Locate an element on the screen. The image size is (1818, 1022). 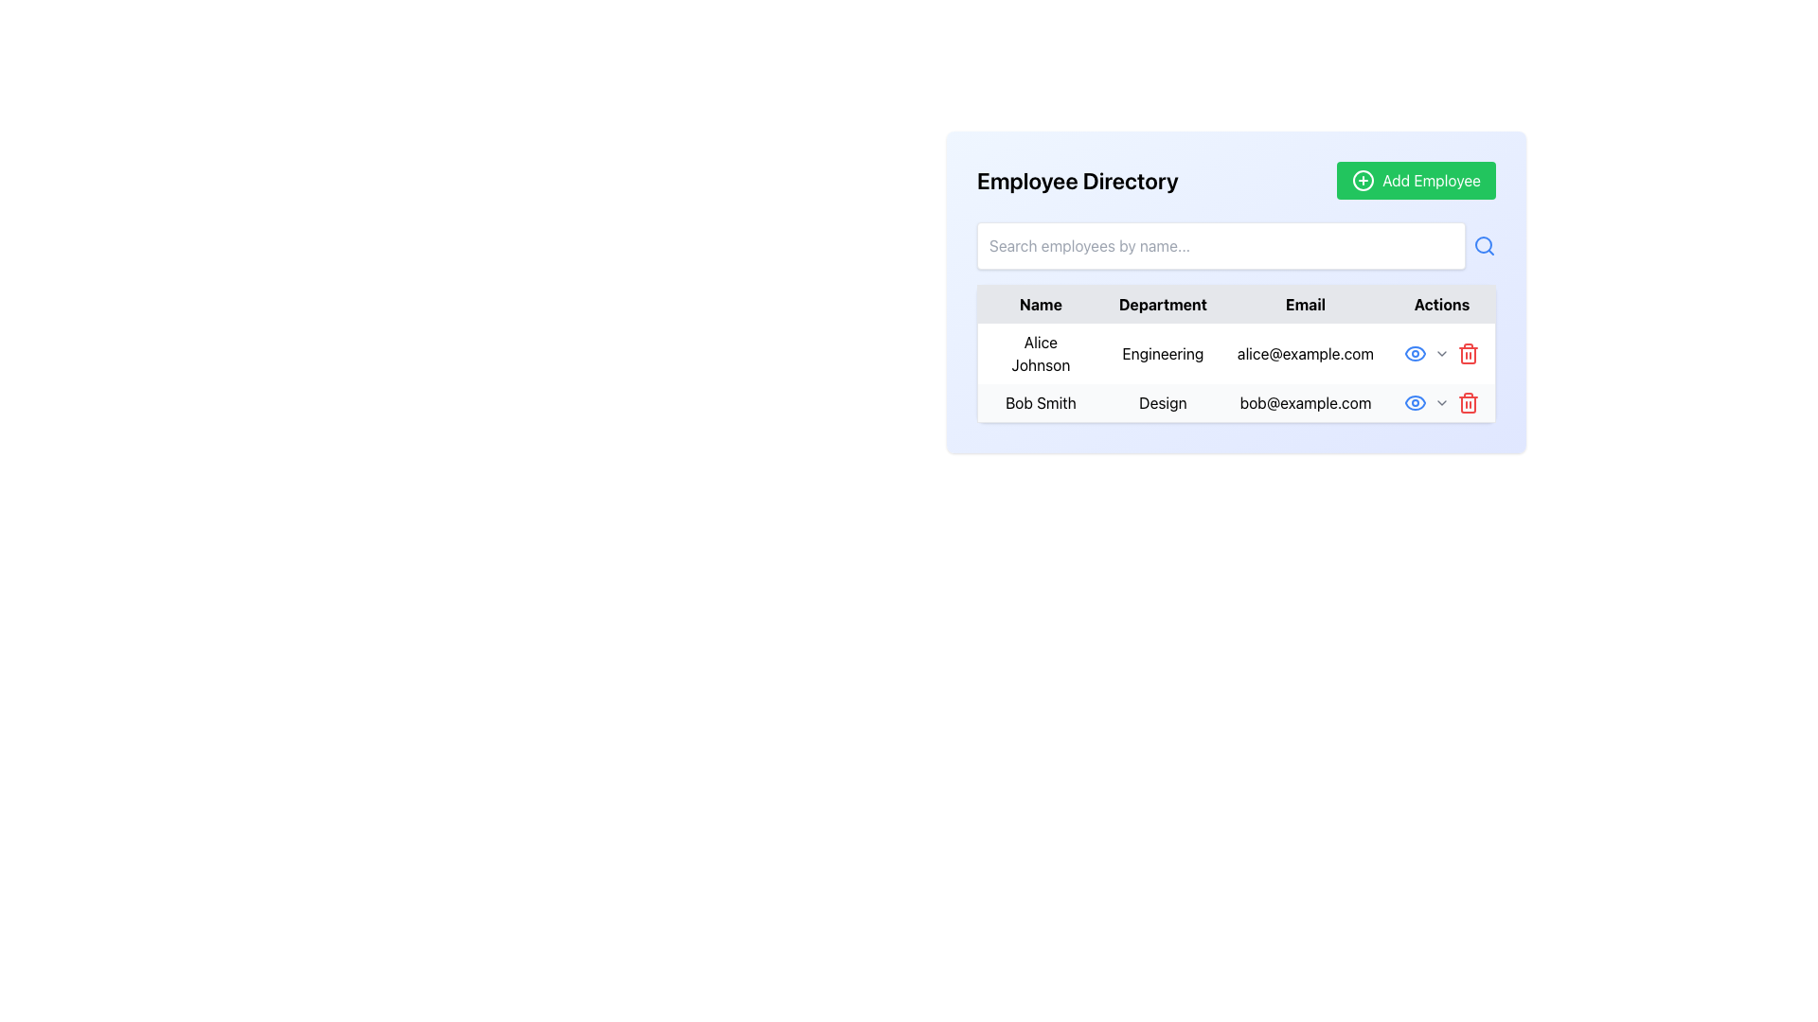
the search button icon located directly to the right of the employee search text input field is located at coordinates (1484, 244).